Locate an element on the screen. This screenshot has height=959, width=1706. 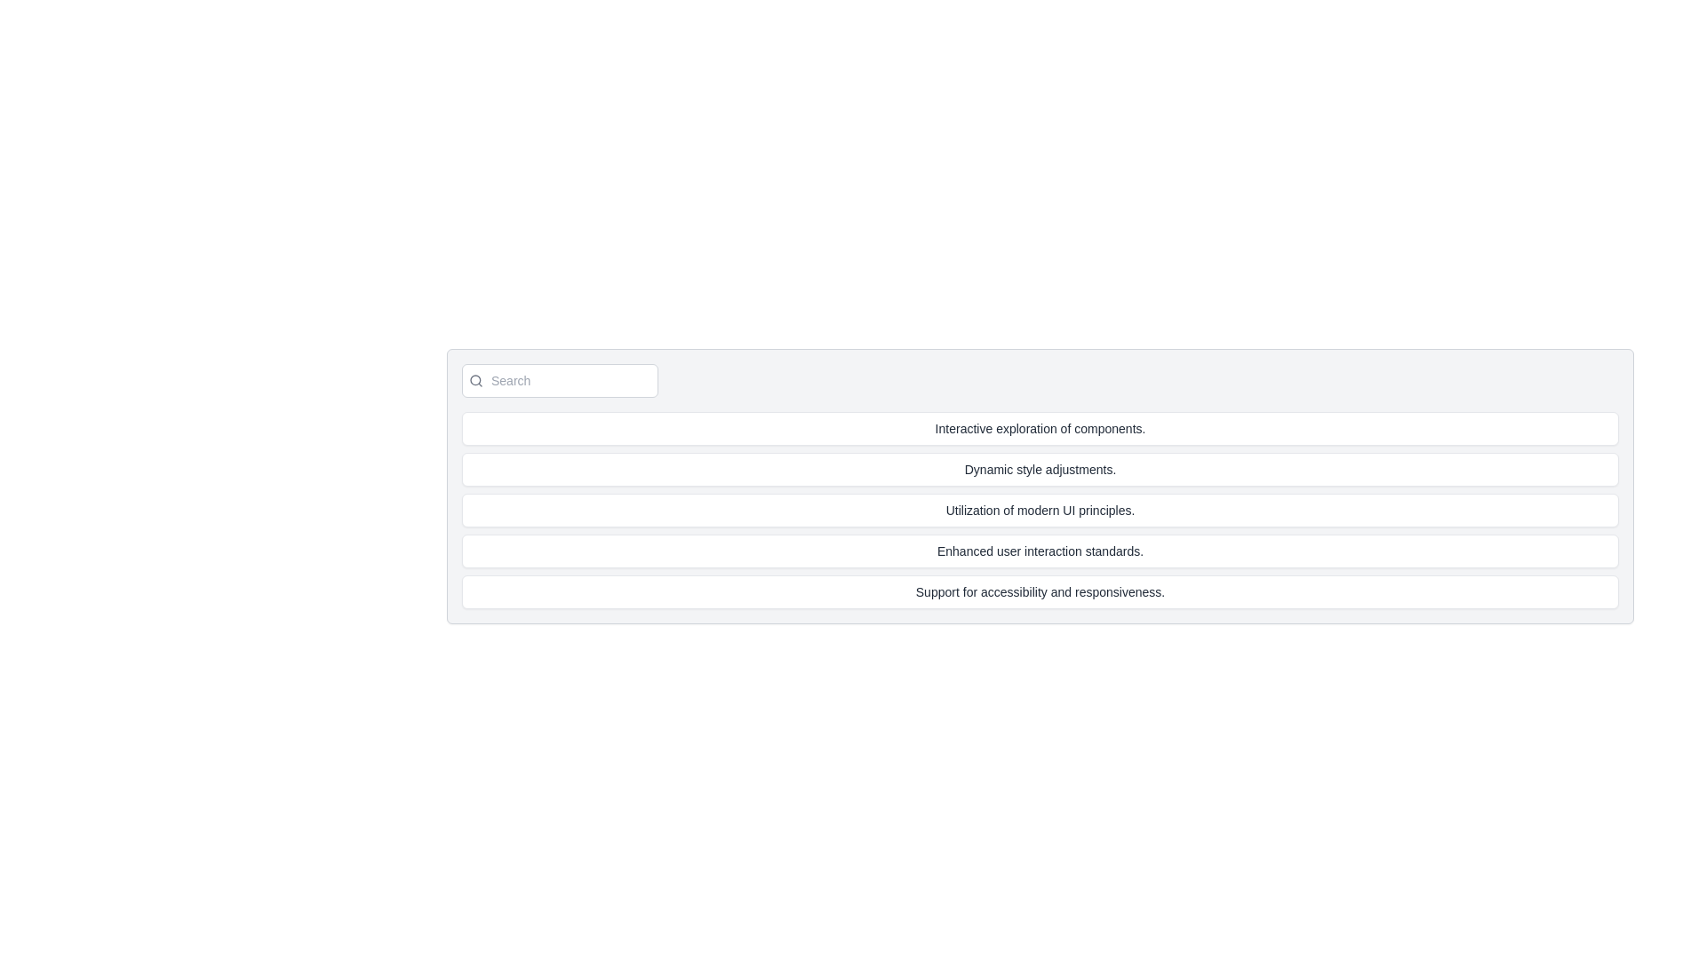
the character 'i' in the word 'Interactive' within the phrase 'Interactive exploration of components.' is located at coordinates (1041, 428).